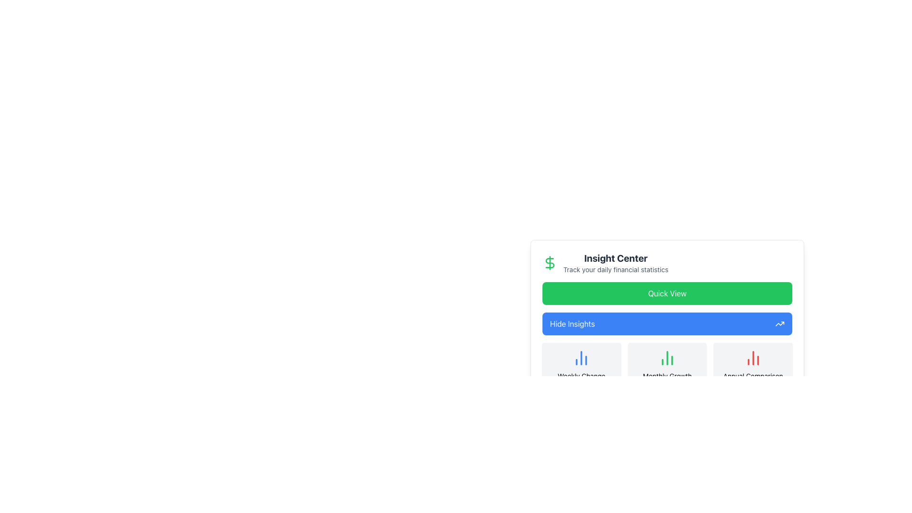 The image size is (912, 513). Describe the element at coordinates (581, 358) in the screenshot. I see `the bar chart icon representing the 'Weekly Change' data point, which is located at the center of the bottom card layout above the text 'Weekly Change'` at that location.